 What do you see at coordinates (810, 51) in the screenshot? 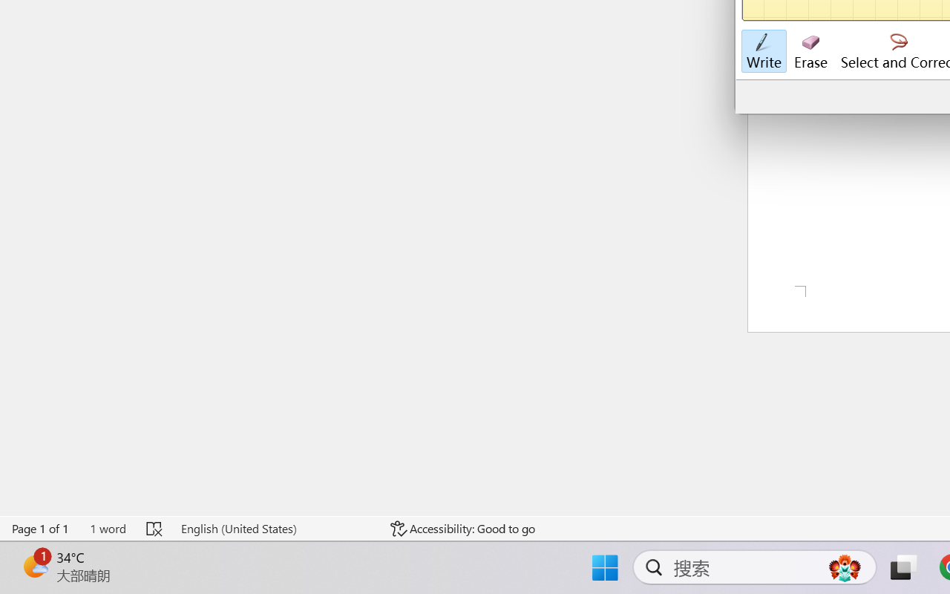
I see `'Erase'` at bounding box center [810, 51].